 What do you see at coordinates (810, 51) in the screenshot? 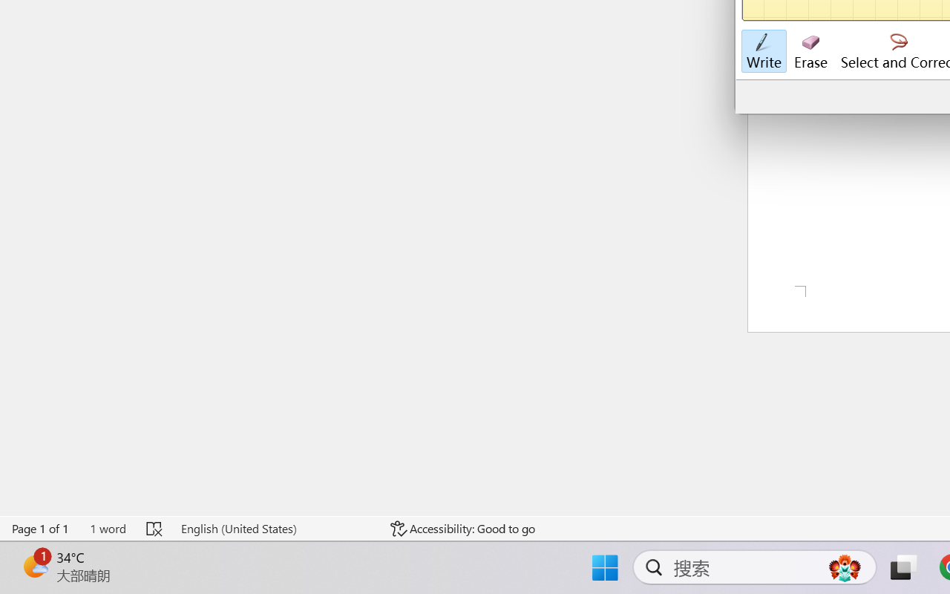
I see `'Erase'` at bounding box center [810, 51].